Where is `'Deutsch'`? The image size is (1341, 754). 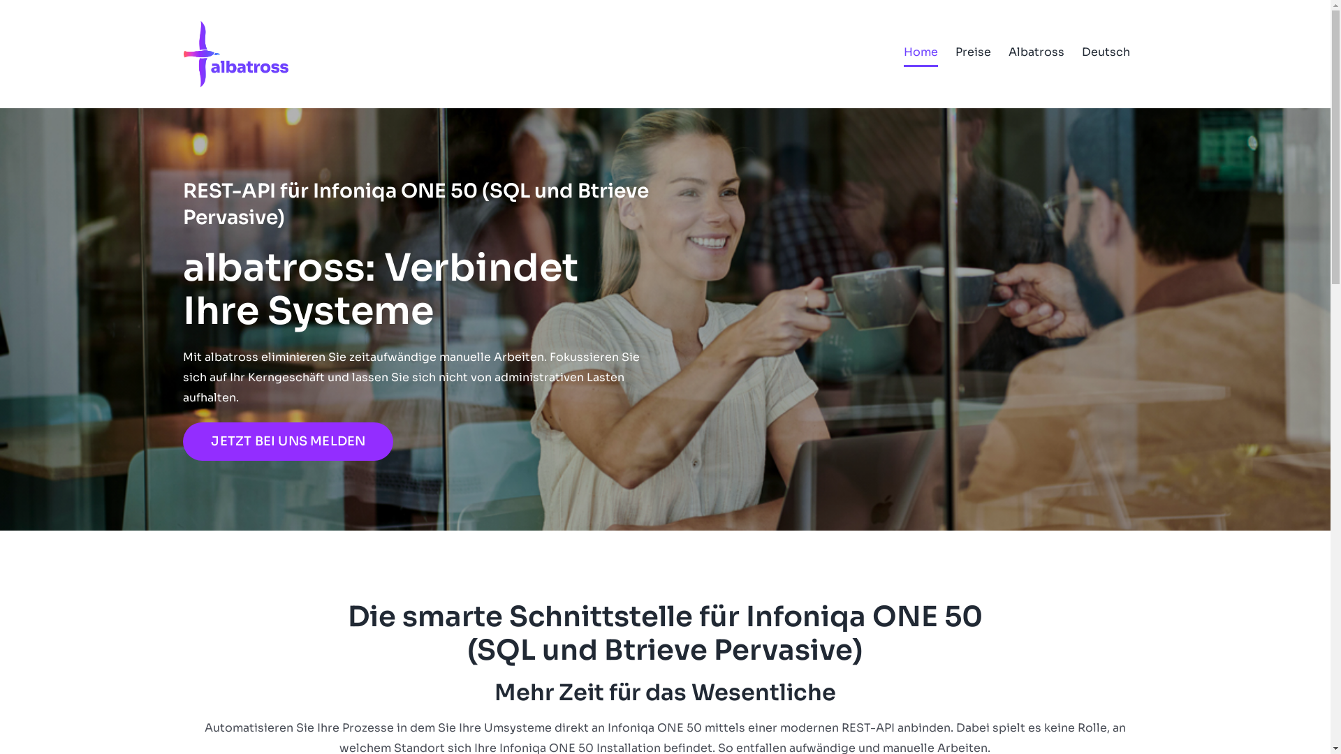 'Deutsch' is located at coordinates (1104, 51).